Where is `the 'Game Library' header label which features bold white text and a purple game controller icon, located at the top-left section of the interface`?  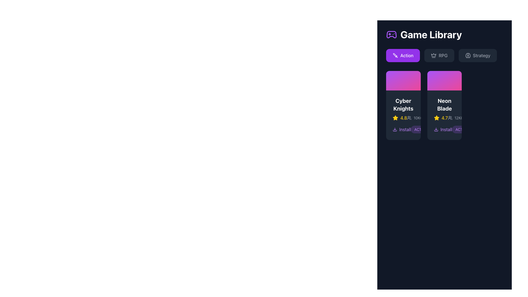
the 'Game Library' header label which features bold white text and a purple game controller icon, located at the top-left section of the interface is located at coordinates (424, 35).